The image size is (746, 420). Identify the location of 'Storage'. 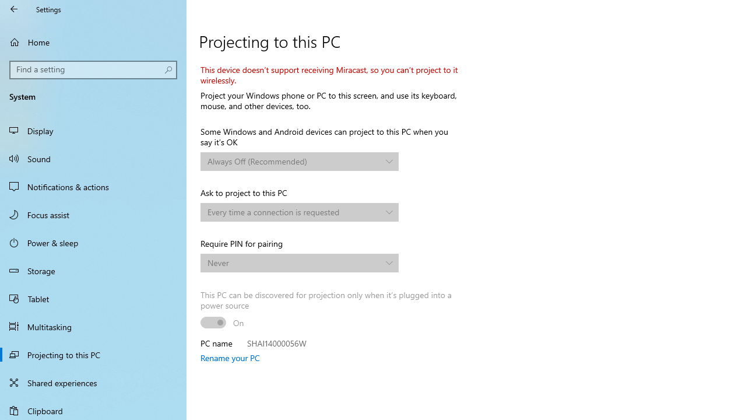
(93, 271).